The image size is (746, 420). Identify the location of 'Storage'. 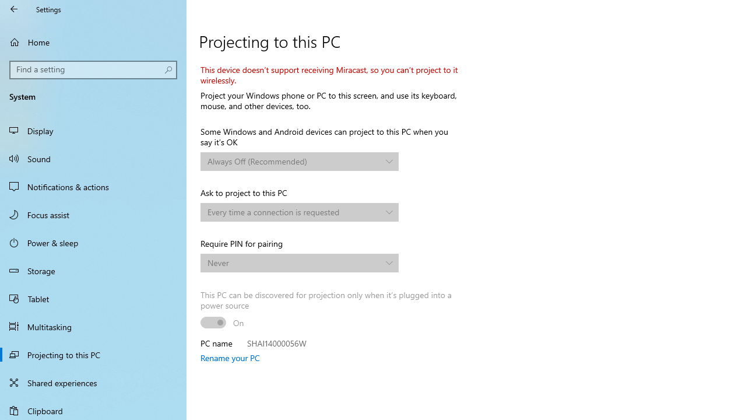
(93, 271).